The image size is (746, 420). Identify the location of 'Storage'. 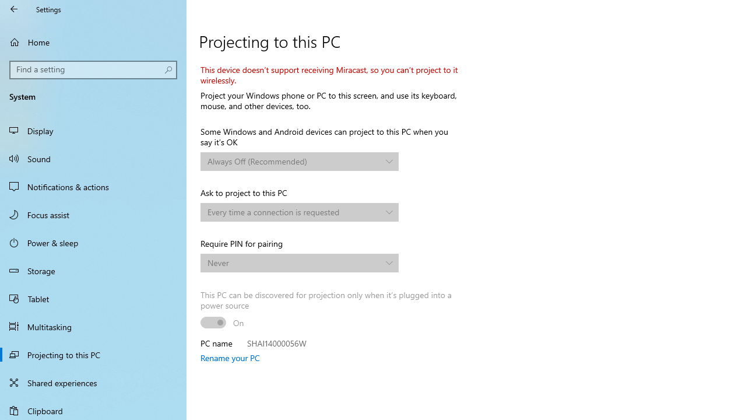
(93, 271).